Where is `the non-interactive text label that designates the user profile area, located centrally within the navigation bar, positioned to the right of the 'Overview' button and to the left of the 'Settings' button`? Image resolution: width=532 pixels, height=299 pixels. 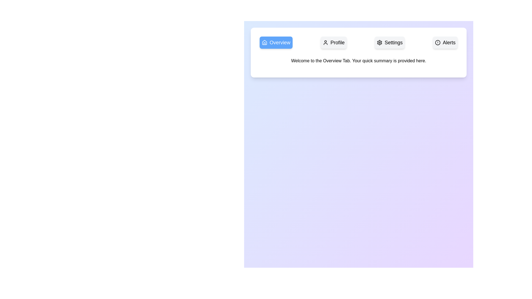
the non-interactive text label that designates the user profile area, located centrally within the navigation bar, positioned to the right of the 'Overview' button and to the left of the 'Settings' button is located at coordinates (337, 42).